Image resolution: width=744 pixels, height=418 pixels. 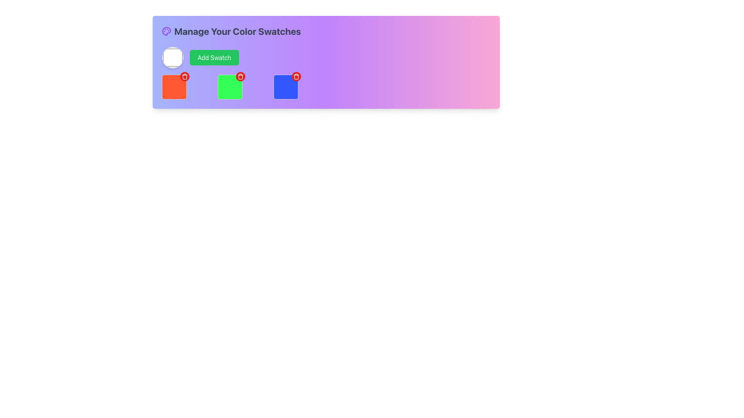 What do you see at coordinates (286, 87) in the screenshot?
I see `the blue square color swatch component, which is the fourth square in a row of six elements` at bounding box center [286, 87].